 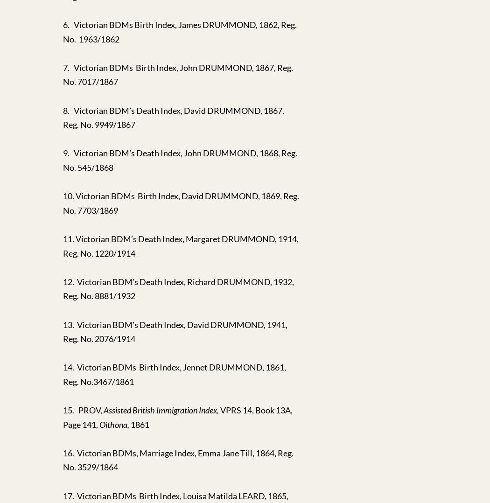 I want to click on '12.  Victorian BDM’s Death Index, Richard DRUMMOND, 1932, Reg. No. 8881/1932', so click(x=178, y=288).